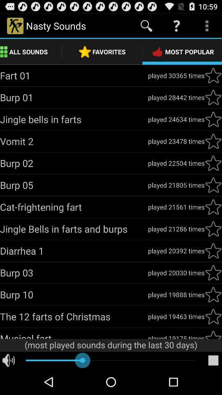 The width and height of the screenshot is (222, 395). Describe the element at coordinates (213, 295) in the screenshot. I see `icon button` at that location.